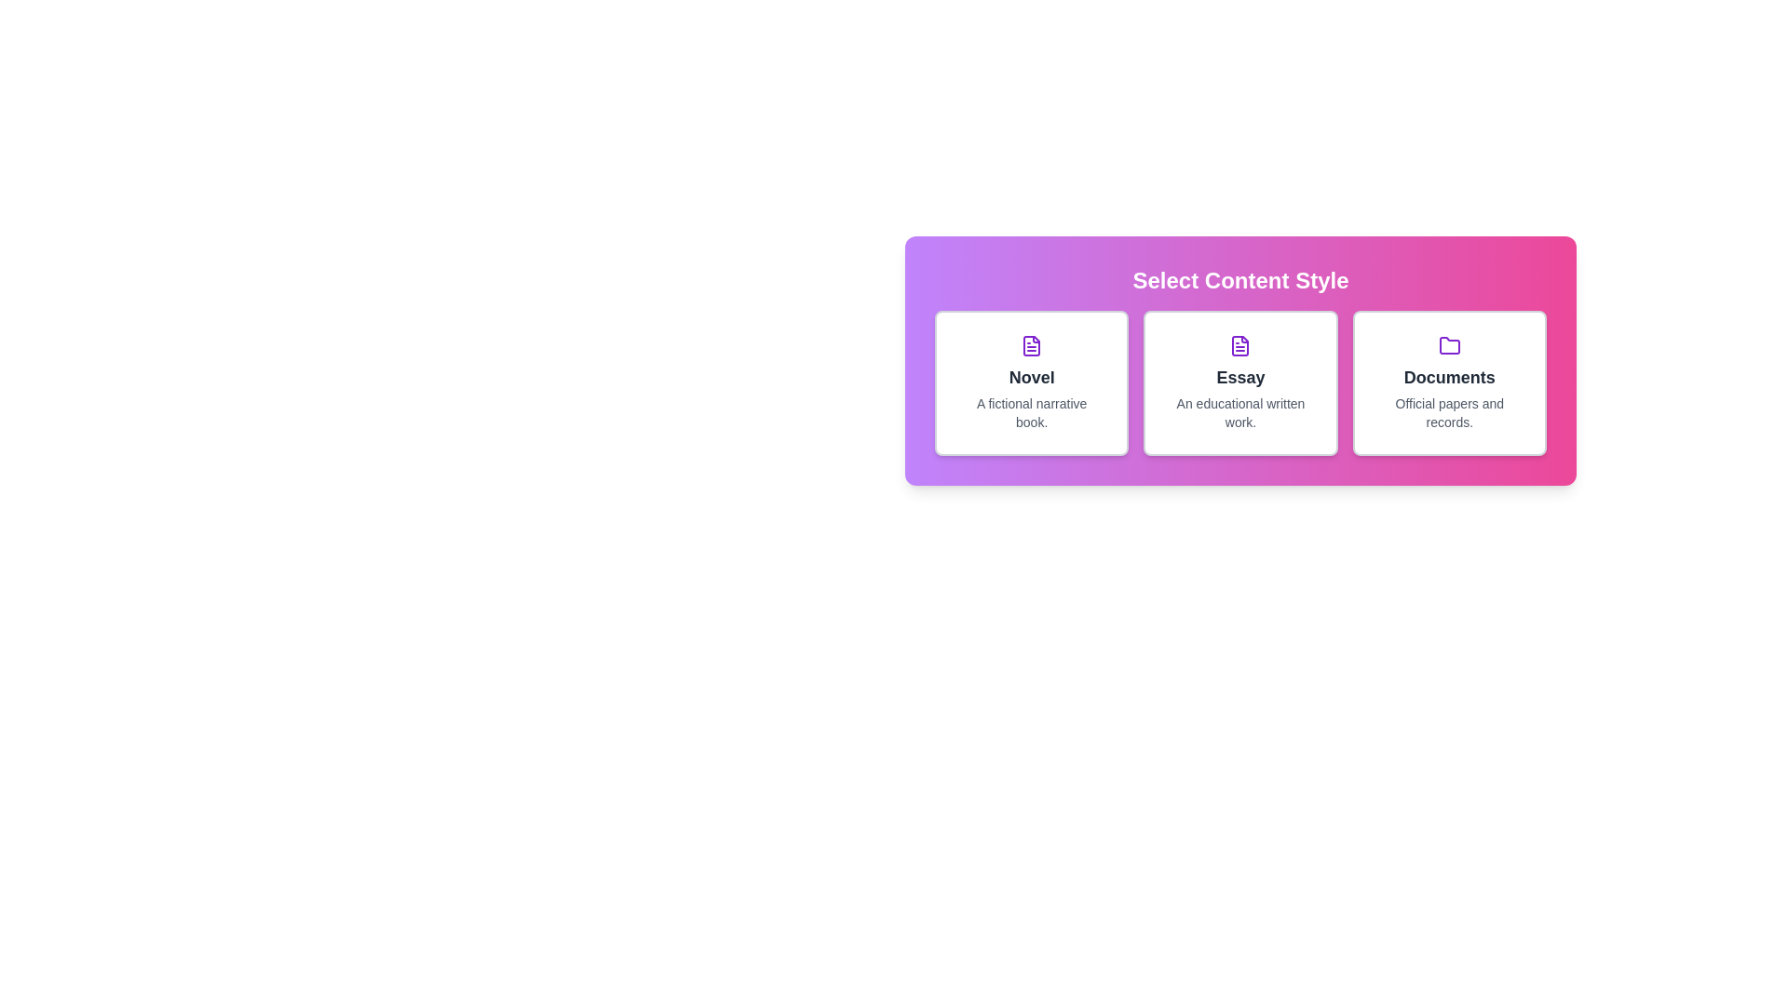 The image size is (1788, 1005). Describe the element at coordinates (1240, 345) in the screenshot. I see `the purple document icon representing the first selectable option labeled 'Novel' in the 'Select Content Style' panel` at that location.